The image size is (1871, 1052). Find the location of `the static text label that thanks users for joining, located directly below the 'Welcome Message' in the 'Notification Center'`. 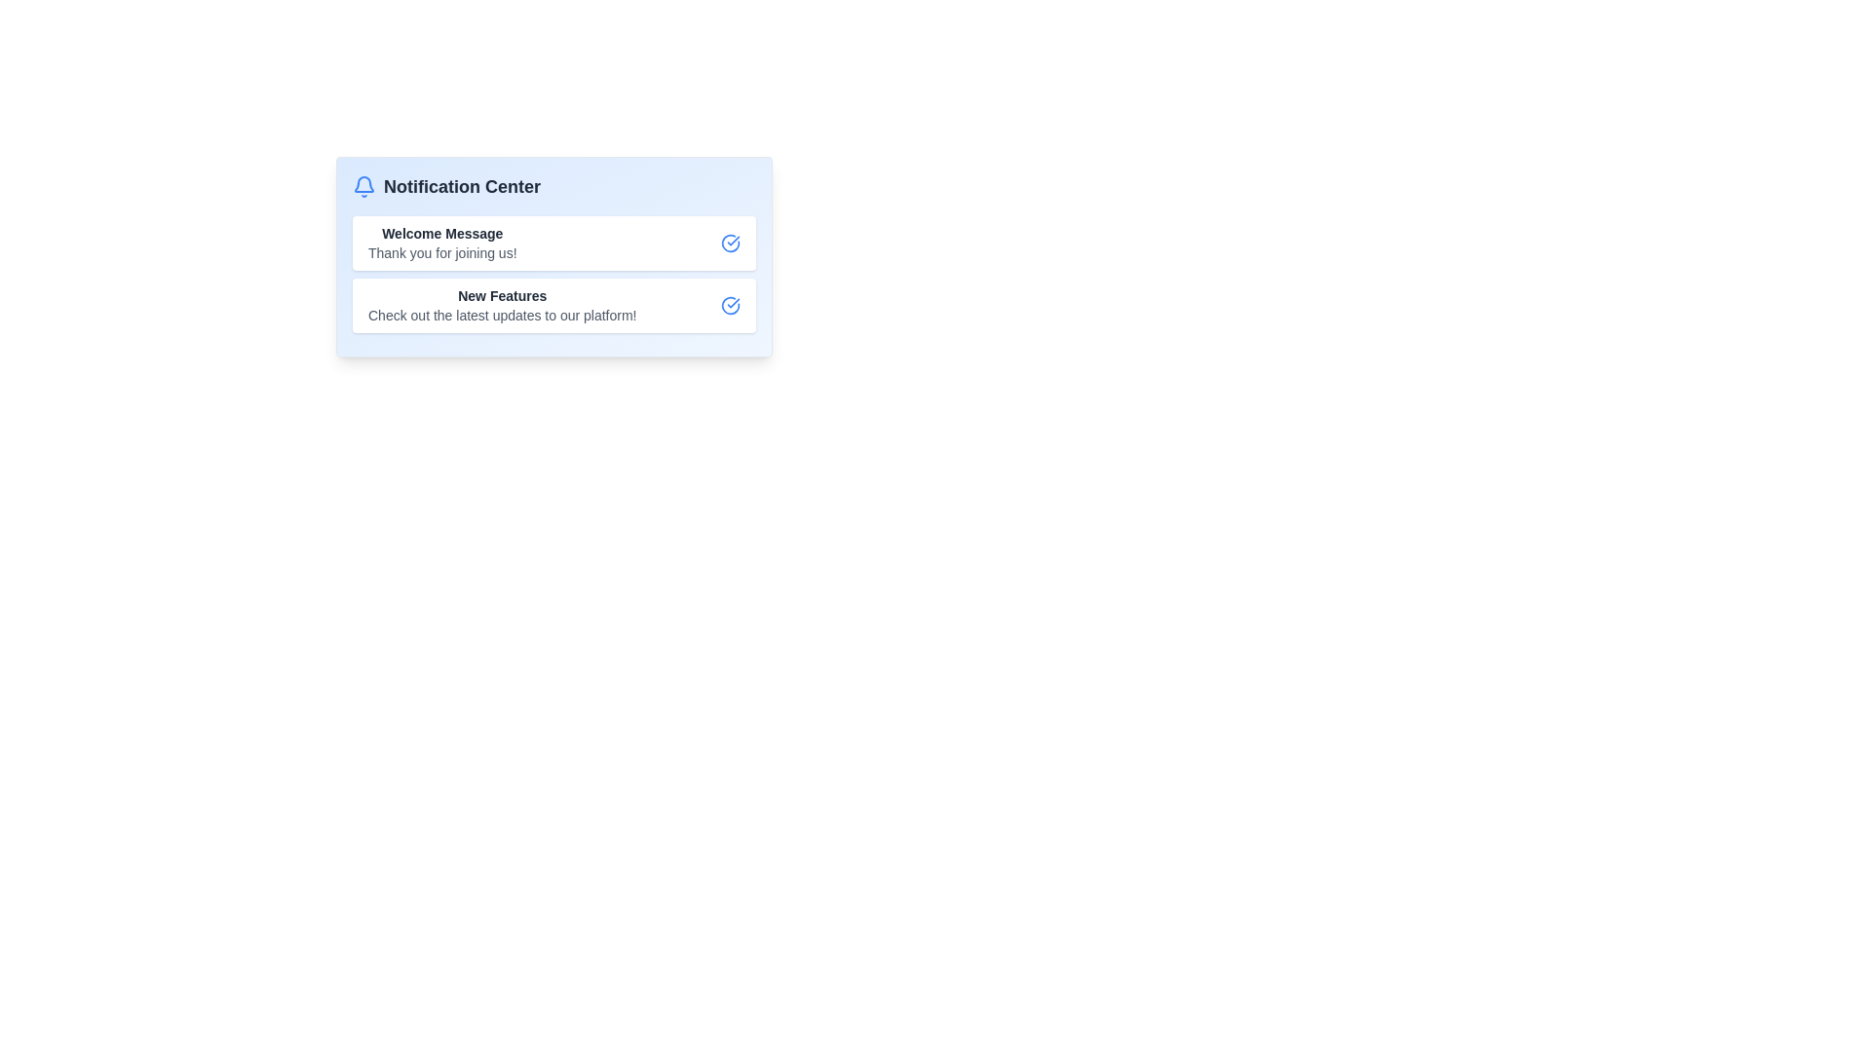

the static text label that thanks users for joining, located directly below the 'Welcome Message' in the 'Notification Center' is located at coordinates (441, 251).